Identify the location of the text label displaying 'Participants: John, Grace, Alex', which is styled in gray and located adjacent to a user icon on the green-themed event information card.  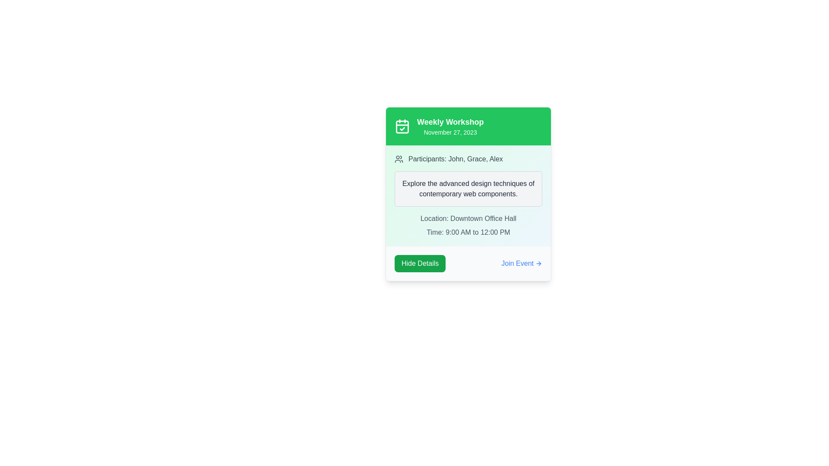
(455, 159).